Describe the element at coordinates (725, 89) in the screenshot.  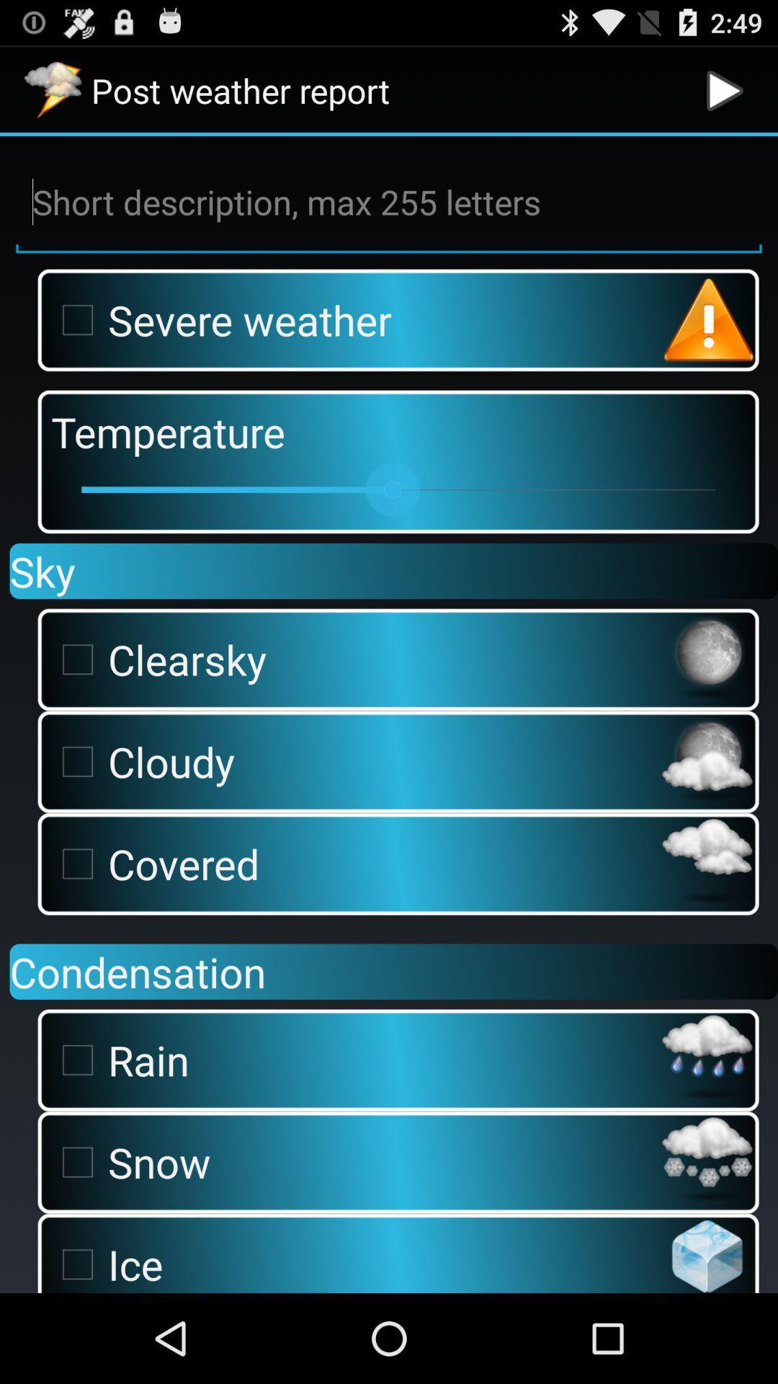
I see `app next to the post weather report app` at that location.